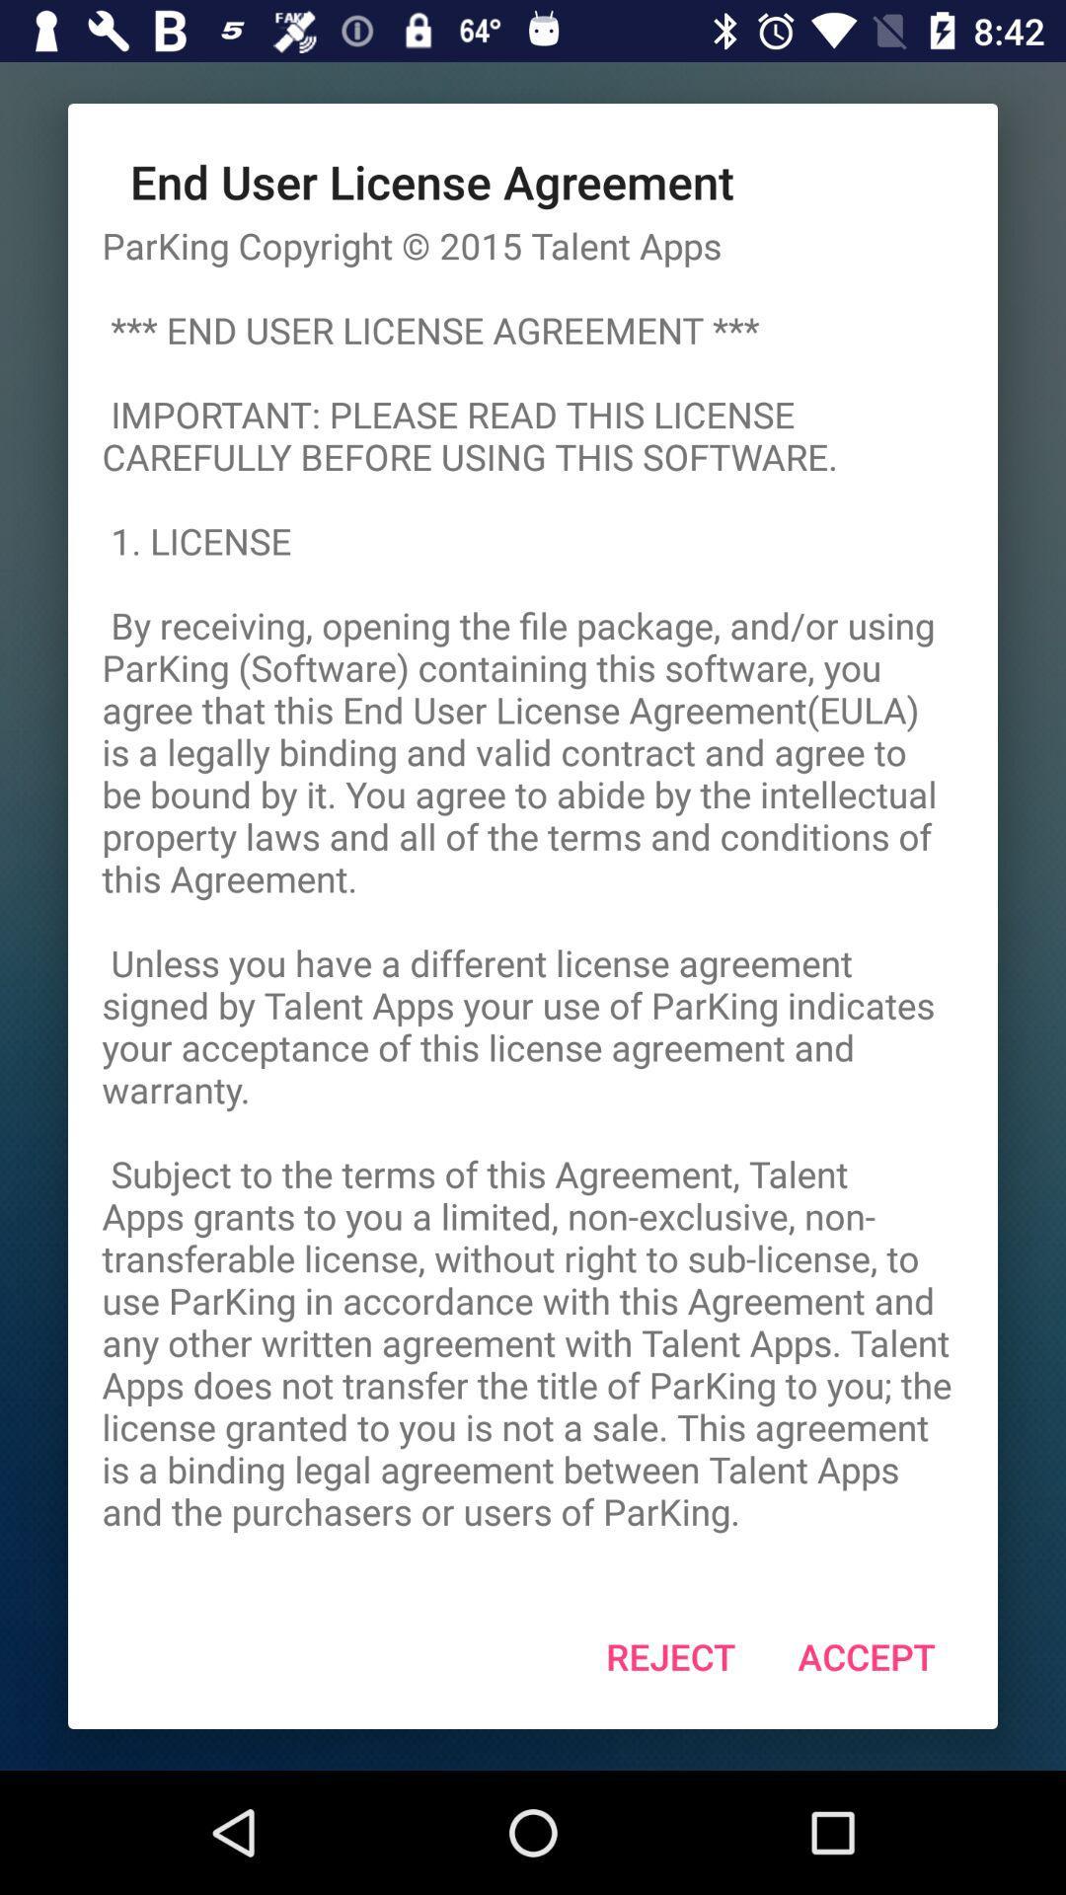 This screenshot has height=1895, width=1066. Describe the element at coordinates (866, 1656) in the screenshot. I see `icon below the parking copyright 2015 item` at that location.